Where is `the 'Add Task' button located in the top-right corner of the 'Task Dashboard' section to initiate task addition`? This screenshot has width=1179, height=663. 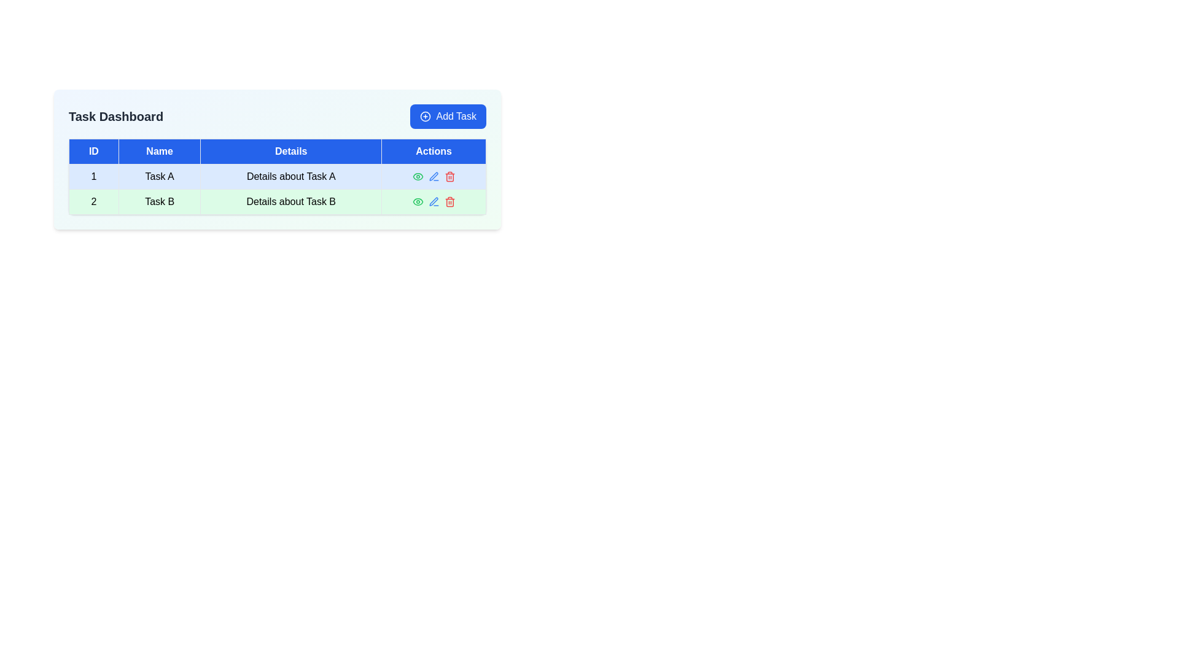 the 'Add Task' button located in the top-right corner of the 'Task Dashboard' section to initiate task addition is located at coordinates (448, 116).